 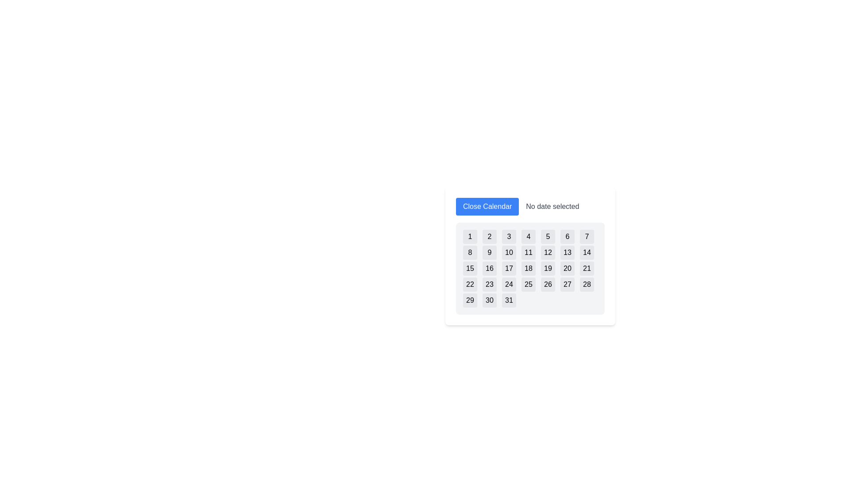 What do you see at coordinates (509, 300) in the screenshot?
I see `the gray square button with rounded corners displaying the number '31'` at bounding box center [509, 300].